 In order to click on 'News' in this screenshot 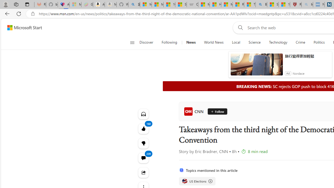, I will do `click(190, 42)`.